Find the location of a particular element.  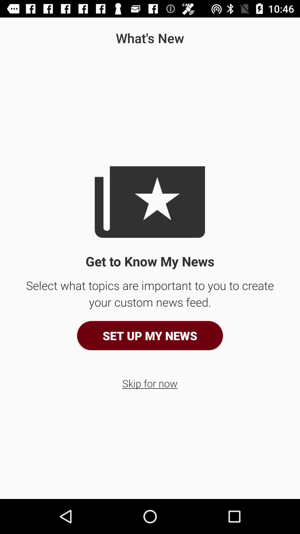

the item above the skip for now app is located at coordinates (150, 335).